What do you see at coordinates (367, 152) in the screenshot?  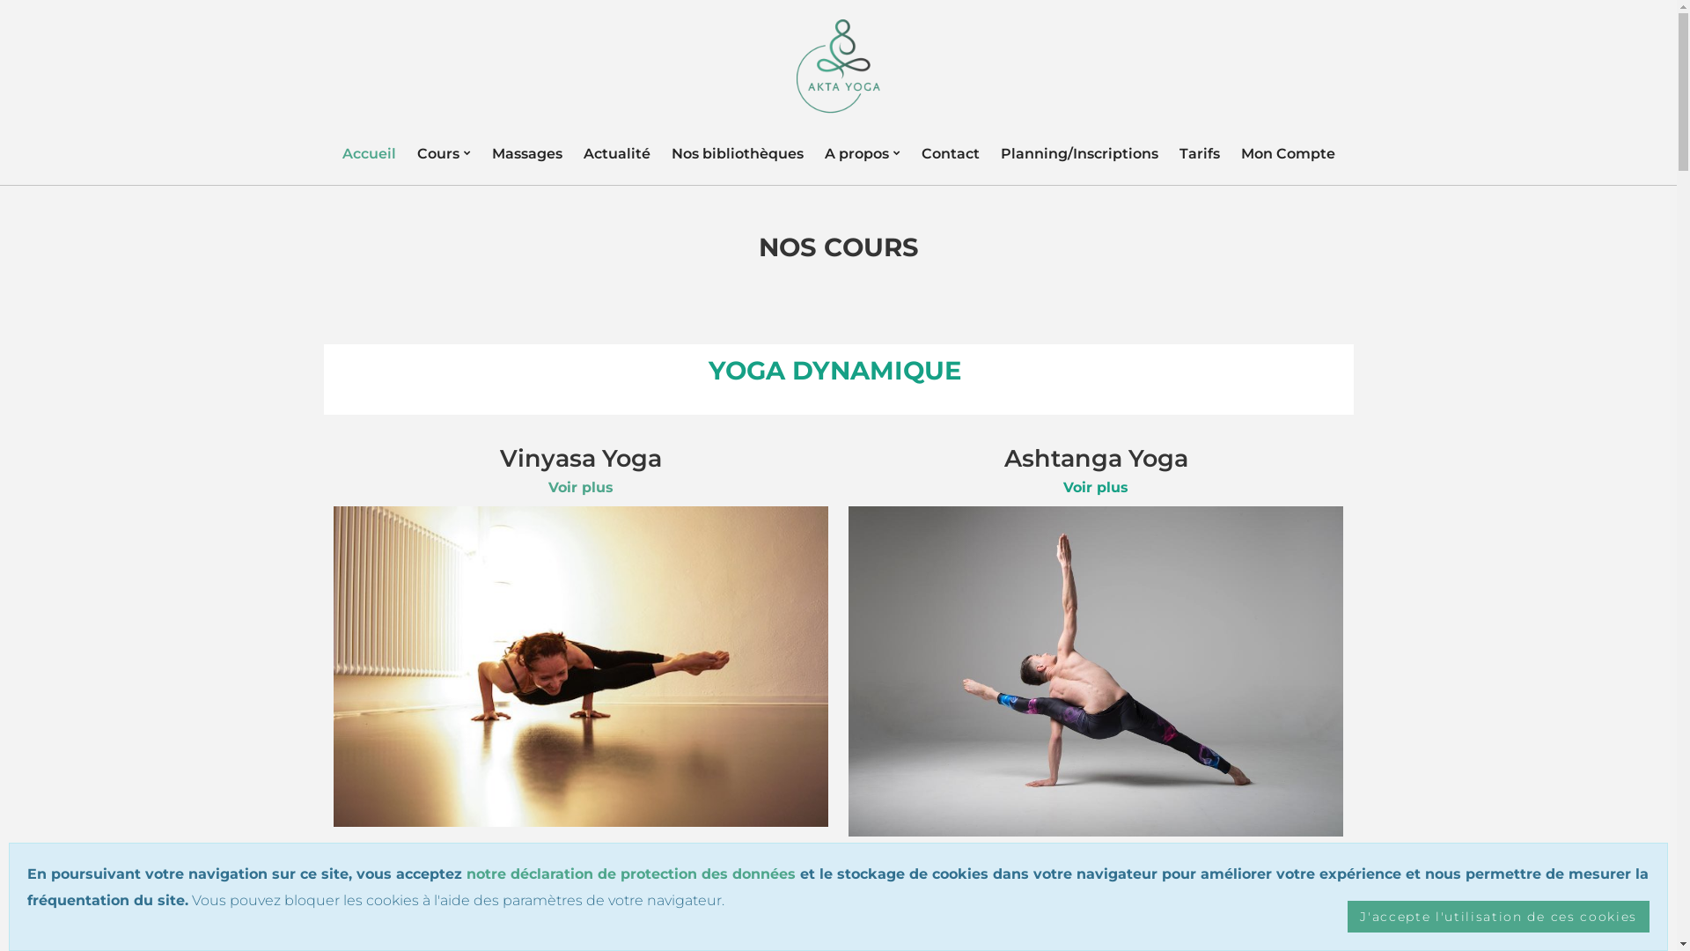 I see `'Accueil'` at bounding box center [367, 152].